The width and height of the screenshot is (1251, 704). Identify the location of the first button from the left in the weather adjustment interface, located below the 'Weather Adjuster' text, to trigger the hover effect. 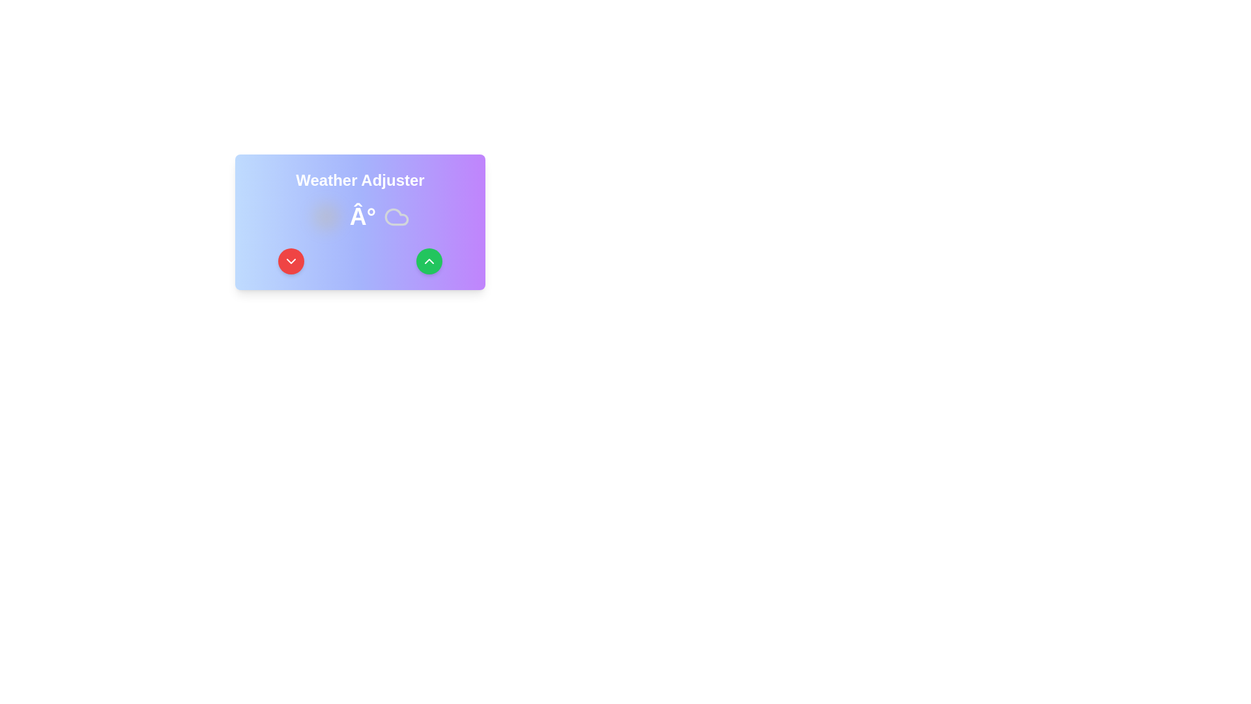
(290, 261).